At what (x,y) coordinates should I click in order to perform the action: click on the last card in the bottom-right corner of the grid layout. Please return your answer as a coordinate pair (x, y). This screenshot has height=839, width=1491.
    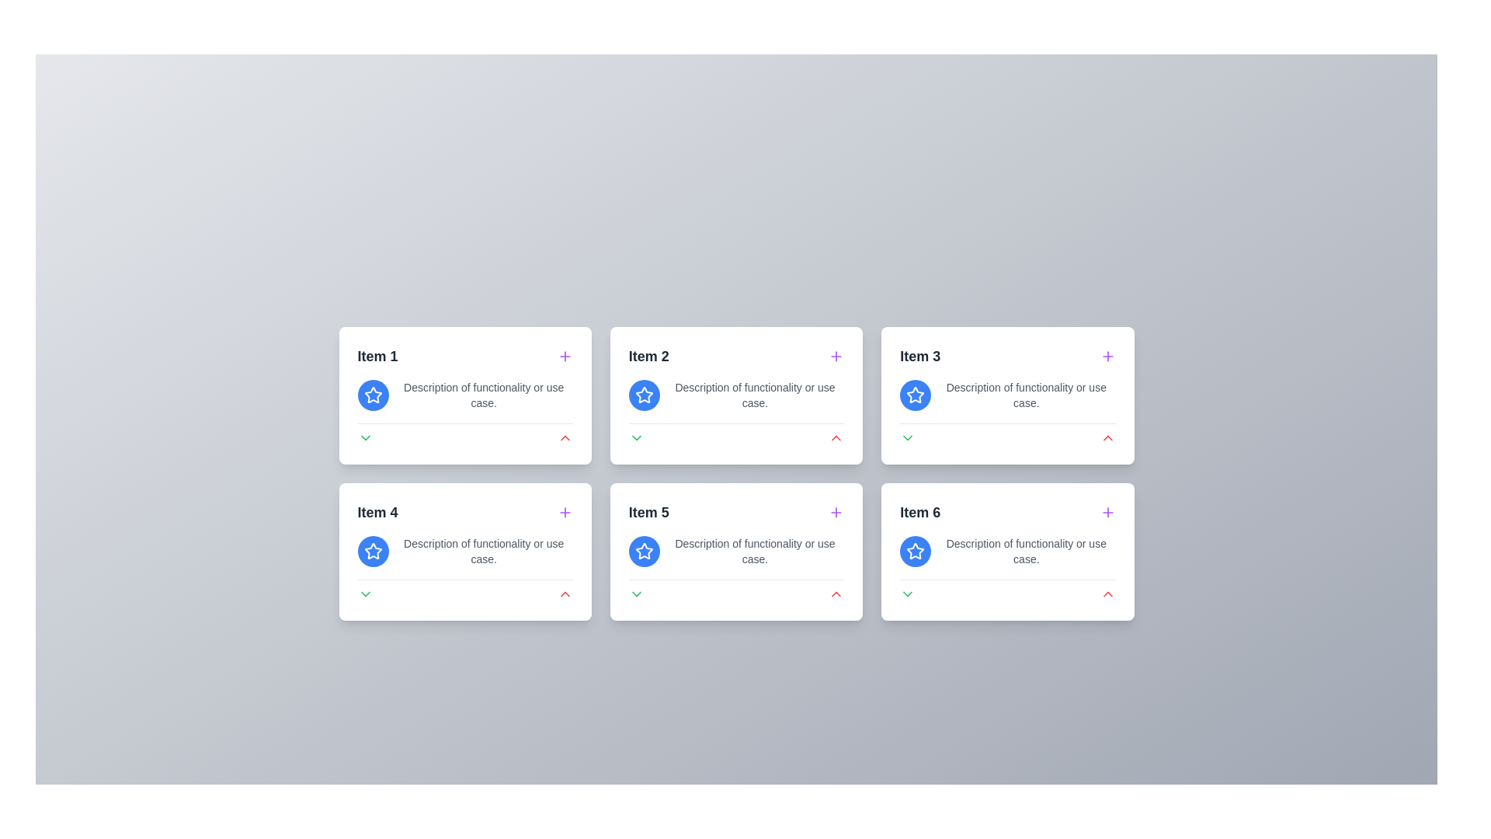
    Looking at the image, I should click on (1007, 551).